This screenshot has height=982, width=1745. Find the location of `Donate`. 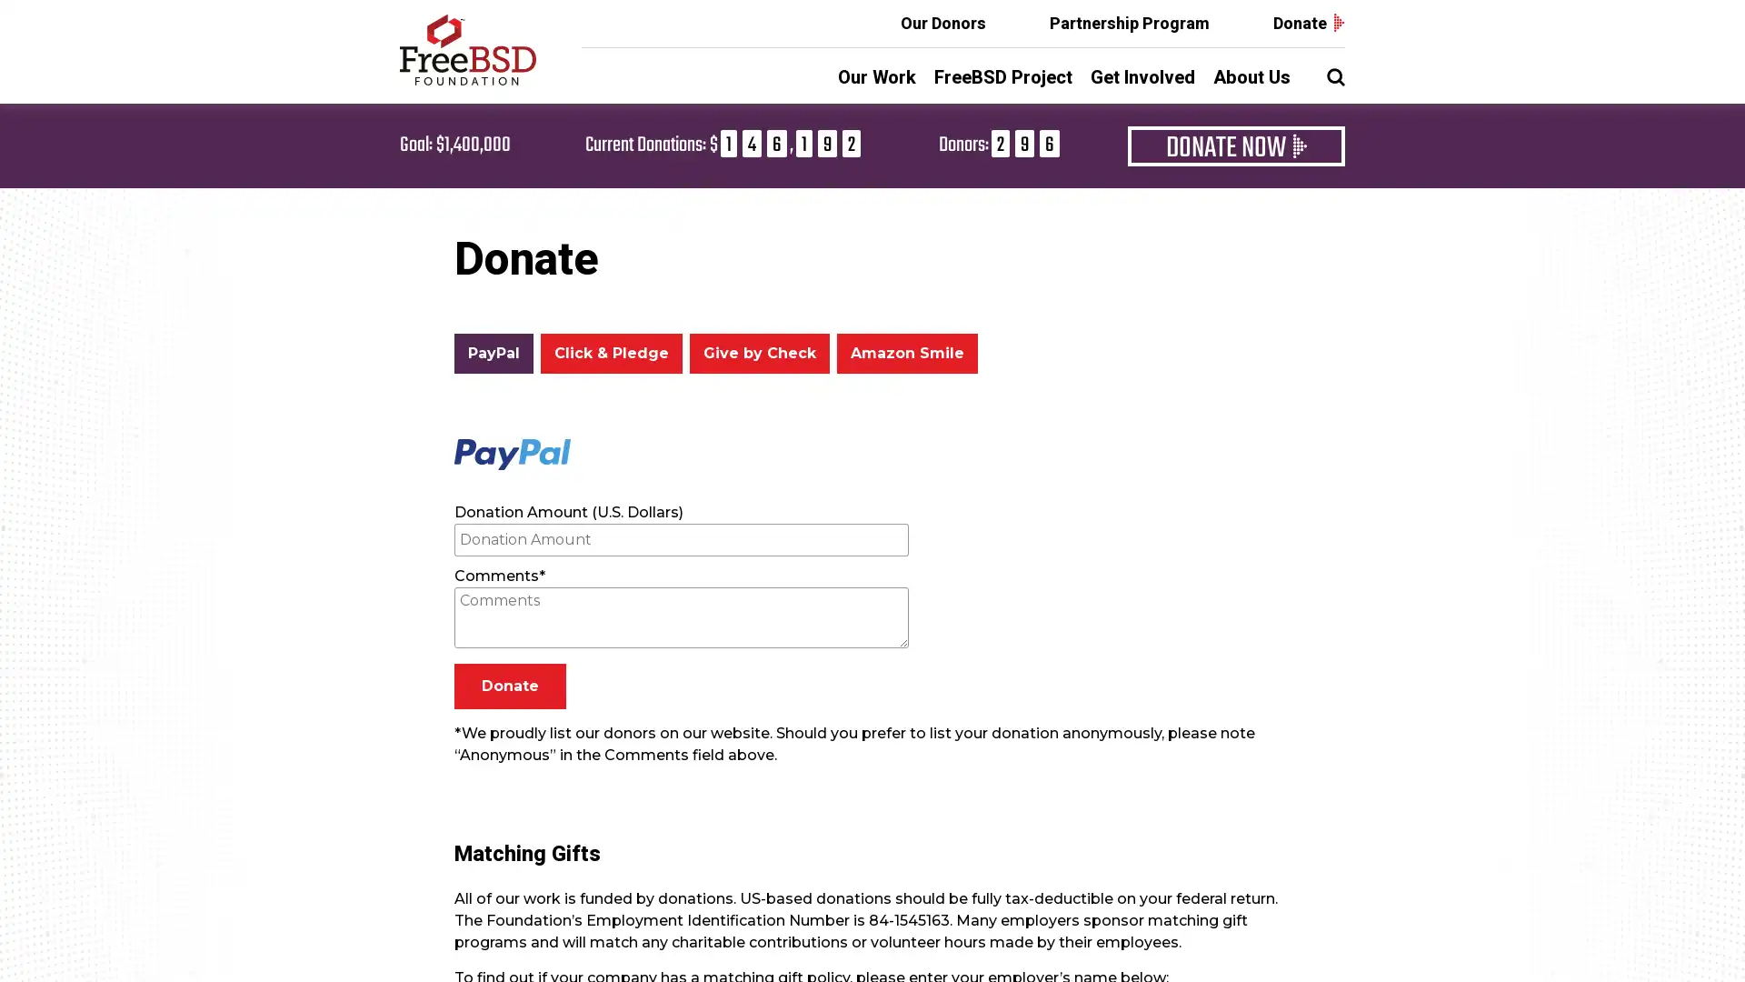

Donate is located at coordinates (509, 686).